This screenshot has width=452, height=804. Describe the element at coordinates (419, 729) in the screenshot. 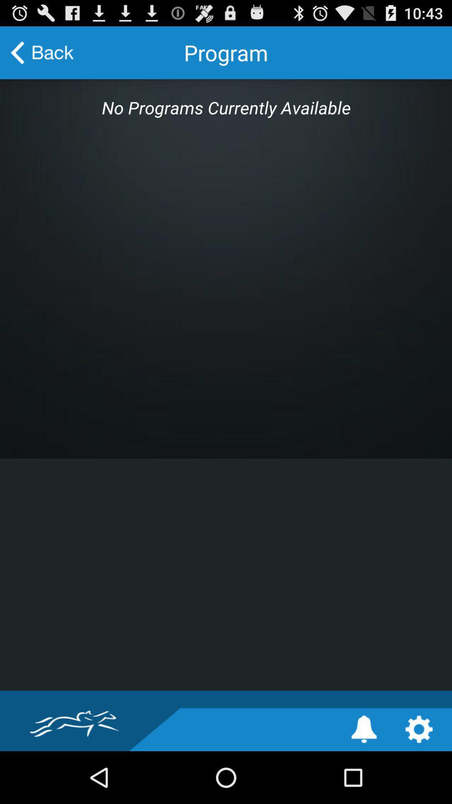

I see `open settings` at that location.